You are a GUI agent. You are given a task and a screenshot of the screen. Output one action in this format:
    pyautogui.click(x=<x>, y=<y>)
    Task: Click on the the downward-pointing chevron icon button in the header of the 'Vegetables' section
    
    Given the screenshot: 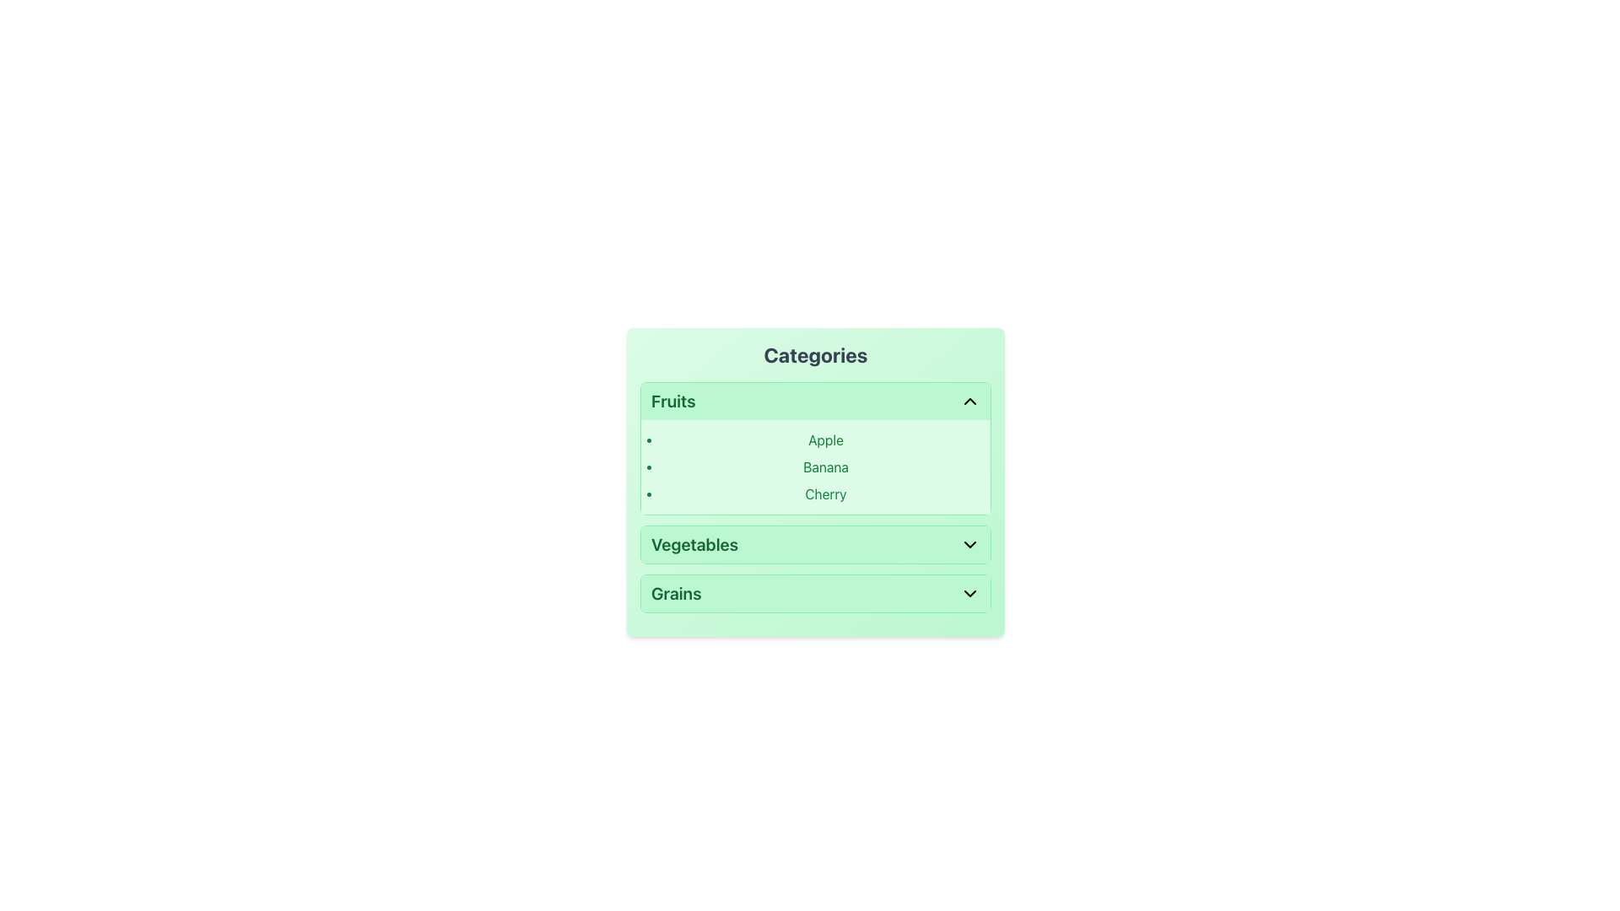 What is the action you would take?
    pyautogui.click(x=970, y=544)
    